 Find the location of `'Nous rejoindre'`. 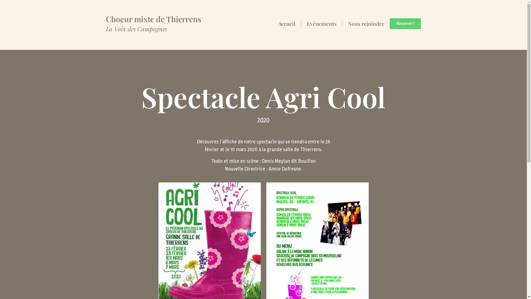

'Nous rejoindre' is located at coordinates (366, 23).